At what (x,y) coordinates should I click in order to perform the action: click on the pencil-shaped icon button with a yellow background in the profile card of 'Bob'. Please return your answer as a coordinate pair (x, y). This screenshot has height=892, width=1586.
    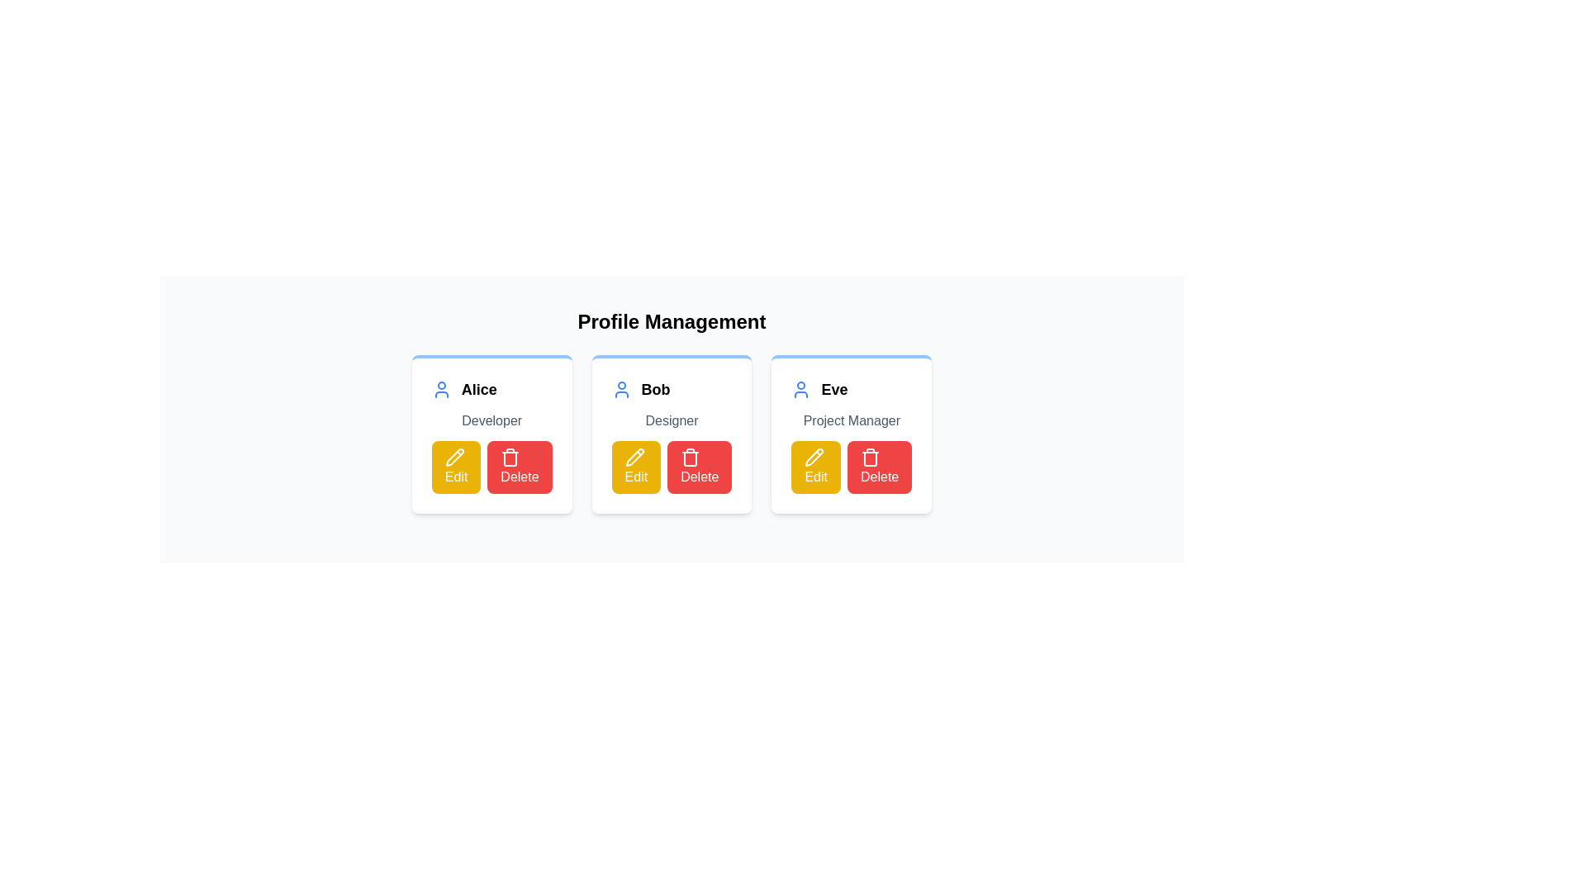
    Looking at the image, I should click on (634, 458).